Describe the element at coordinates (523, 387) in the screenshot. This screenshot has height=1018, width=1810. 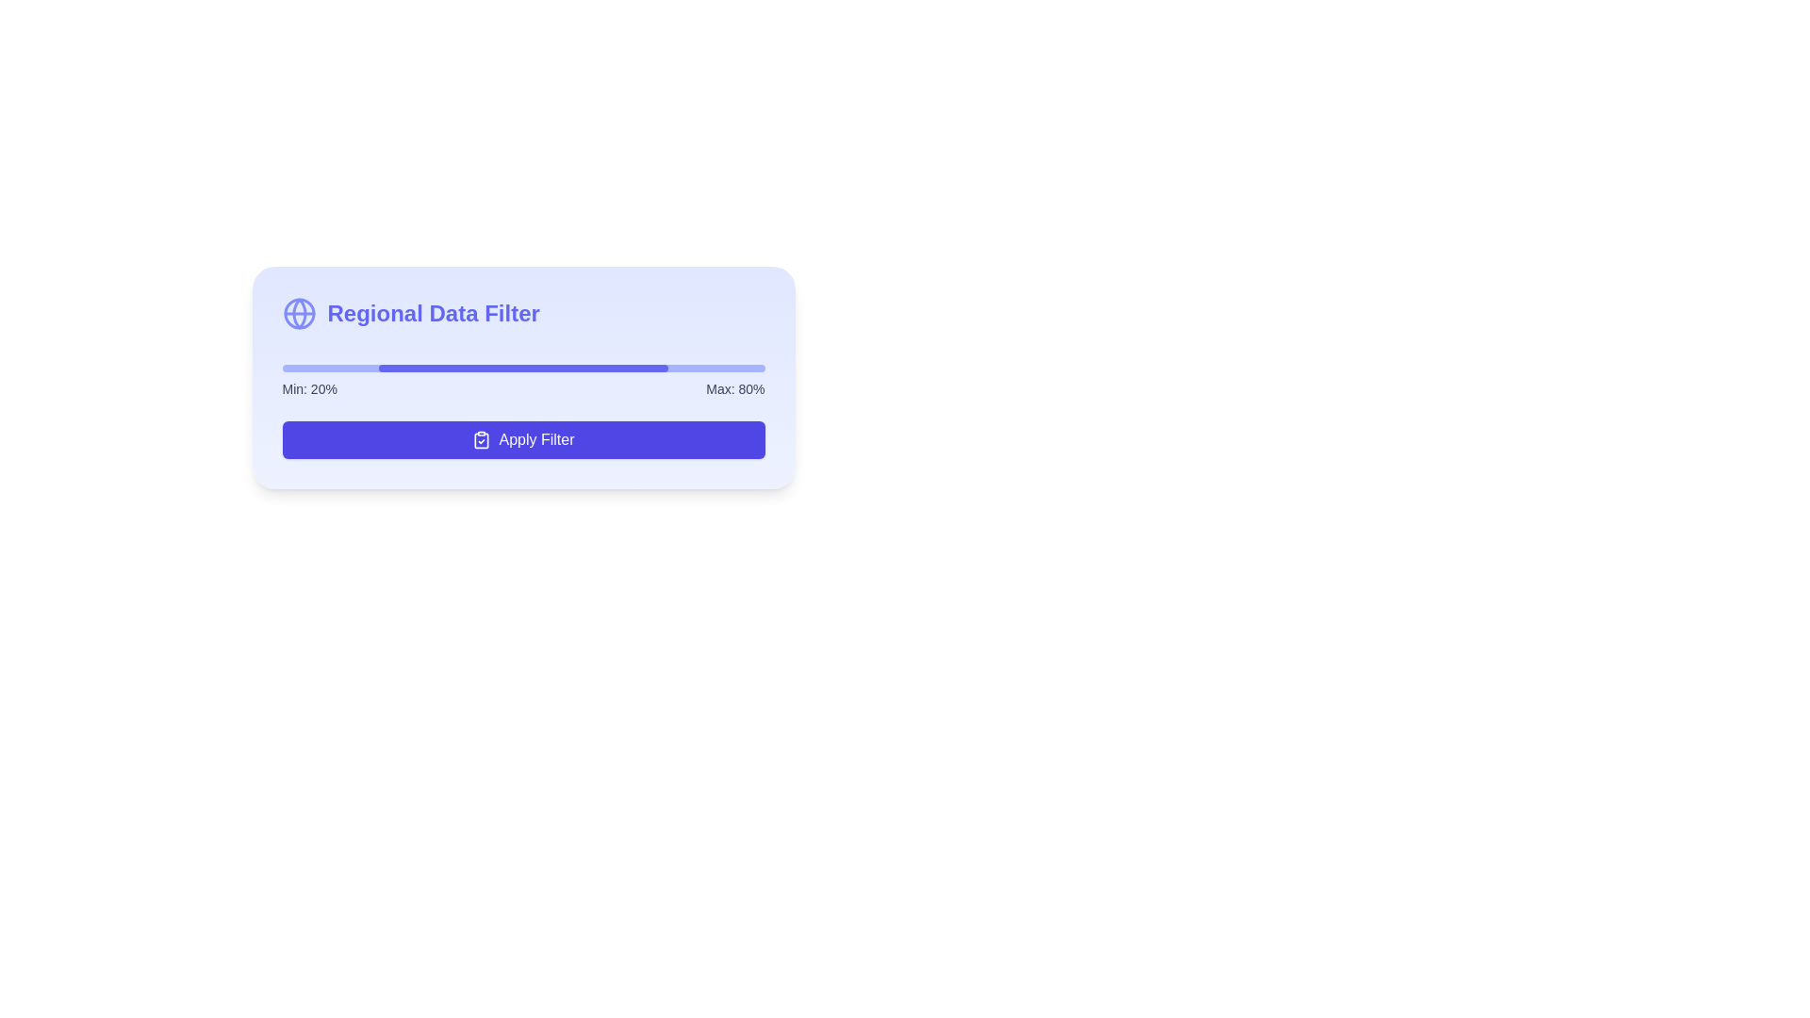
I see `text label displaying 'Min: 20%' on the left and 'Max: 80%' on the right, located below the slider and above the 'Apply Filter' button` at that location.